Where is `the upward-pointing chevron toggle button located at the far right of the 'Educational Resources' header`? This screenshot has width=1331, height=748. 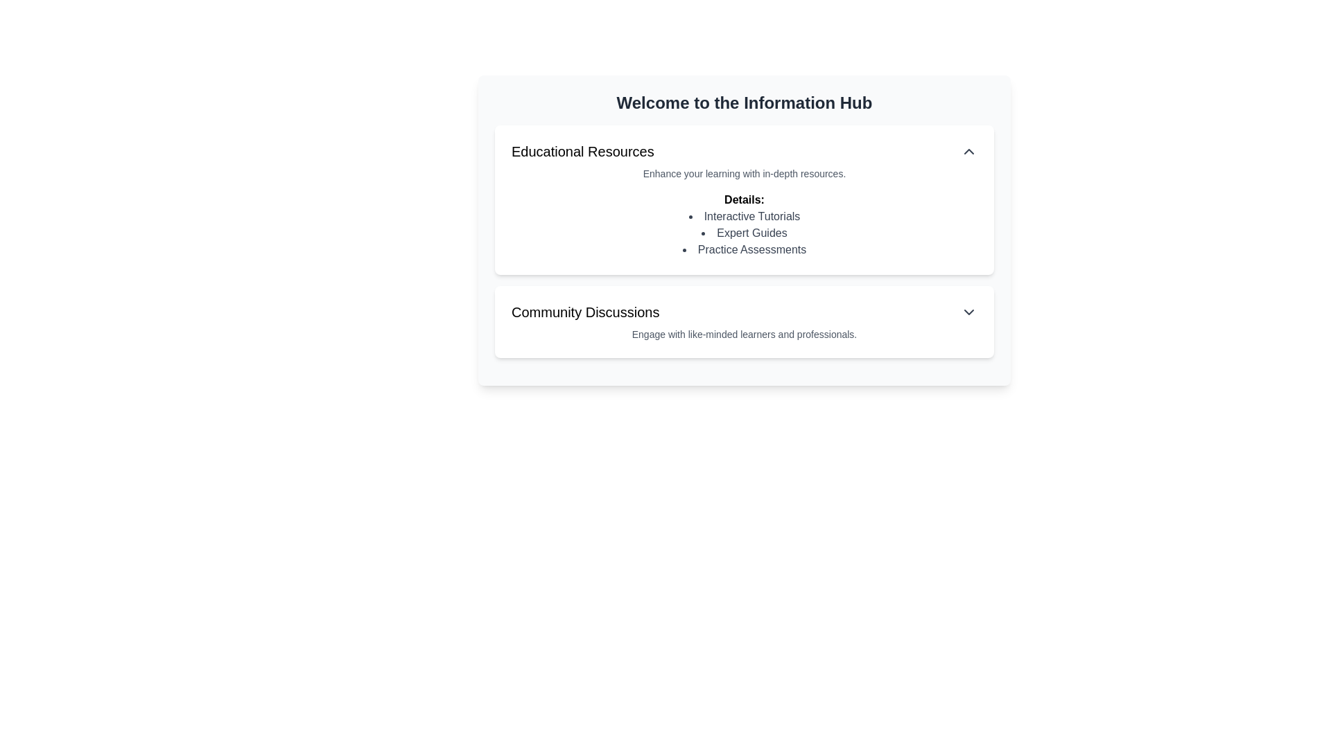
the upward-pointing chevron toggle button located at the far right of the 'Educational Resources' header is located at coordinates (968, 152).